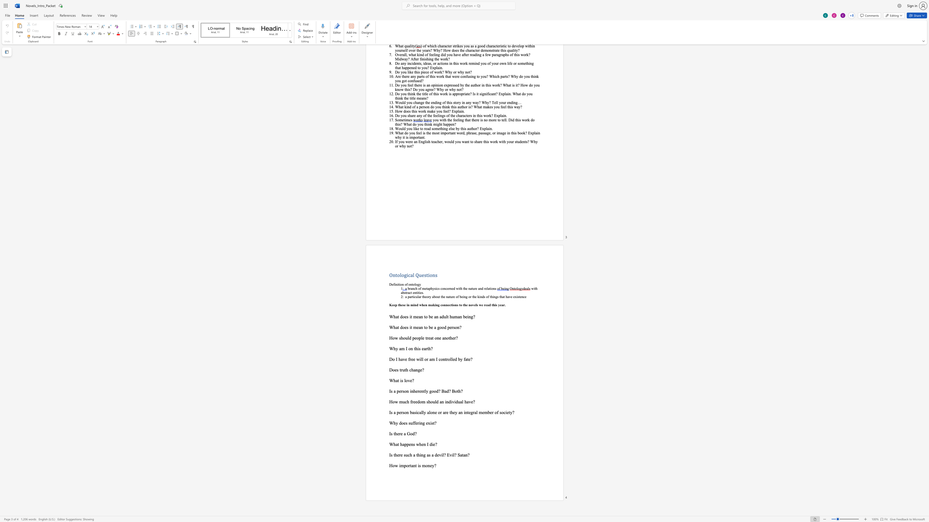 The width and height of the screenshot is (929, 522). What do you see at coordinates (415, 412) in the screenshot?
I see `the space between the continuous character "s" and "i" in the text` at bounding box center [415, 412].